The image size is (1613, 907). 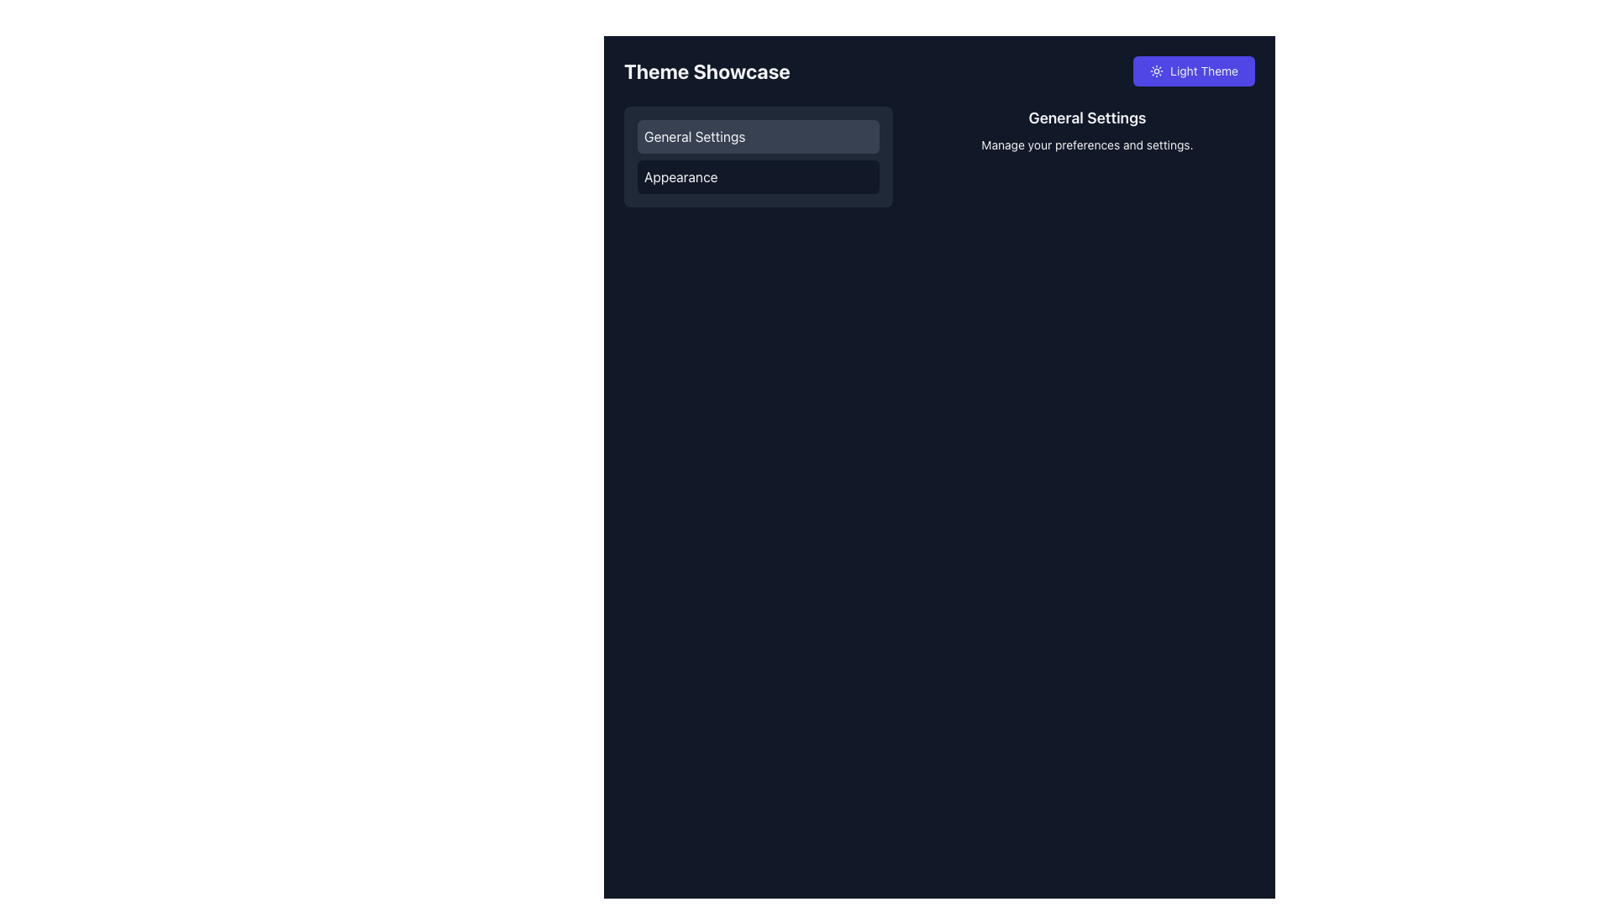 I want to click on the Text Label that provides additional information about the 'General Settings' section, located below the 'General Settings' title, so click(x=1087, y=144).